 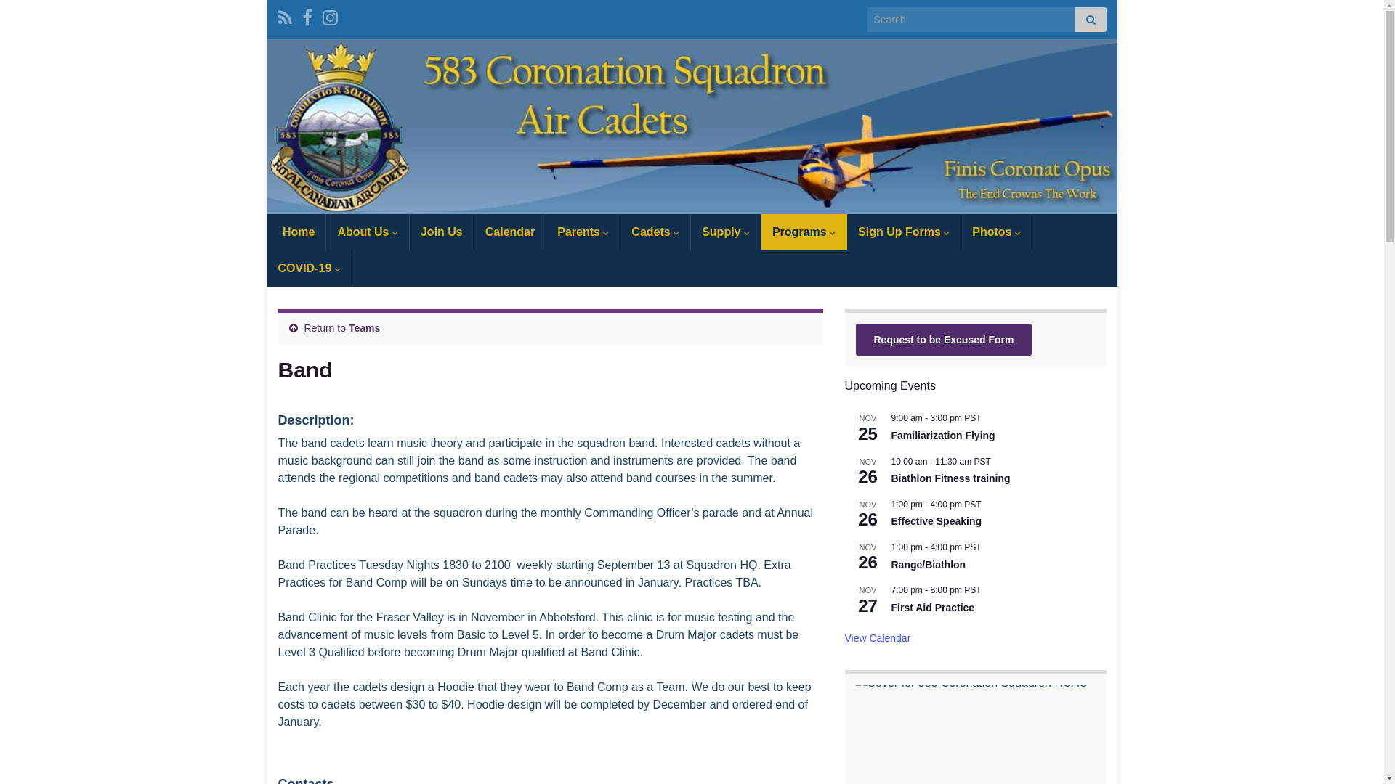 What do you see at coordinates (309, 269) in the screenshot?
I see `'COVID-19'` at bounding box center [309, 269].